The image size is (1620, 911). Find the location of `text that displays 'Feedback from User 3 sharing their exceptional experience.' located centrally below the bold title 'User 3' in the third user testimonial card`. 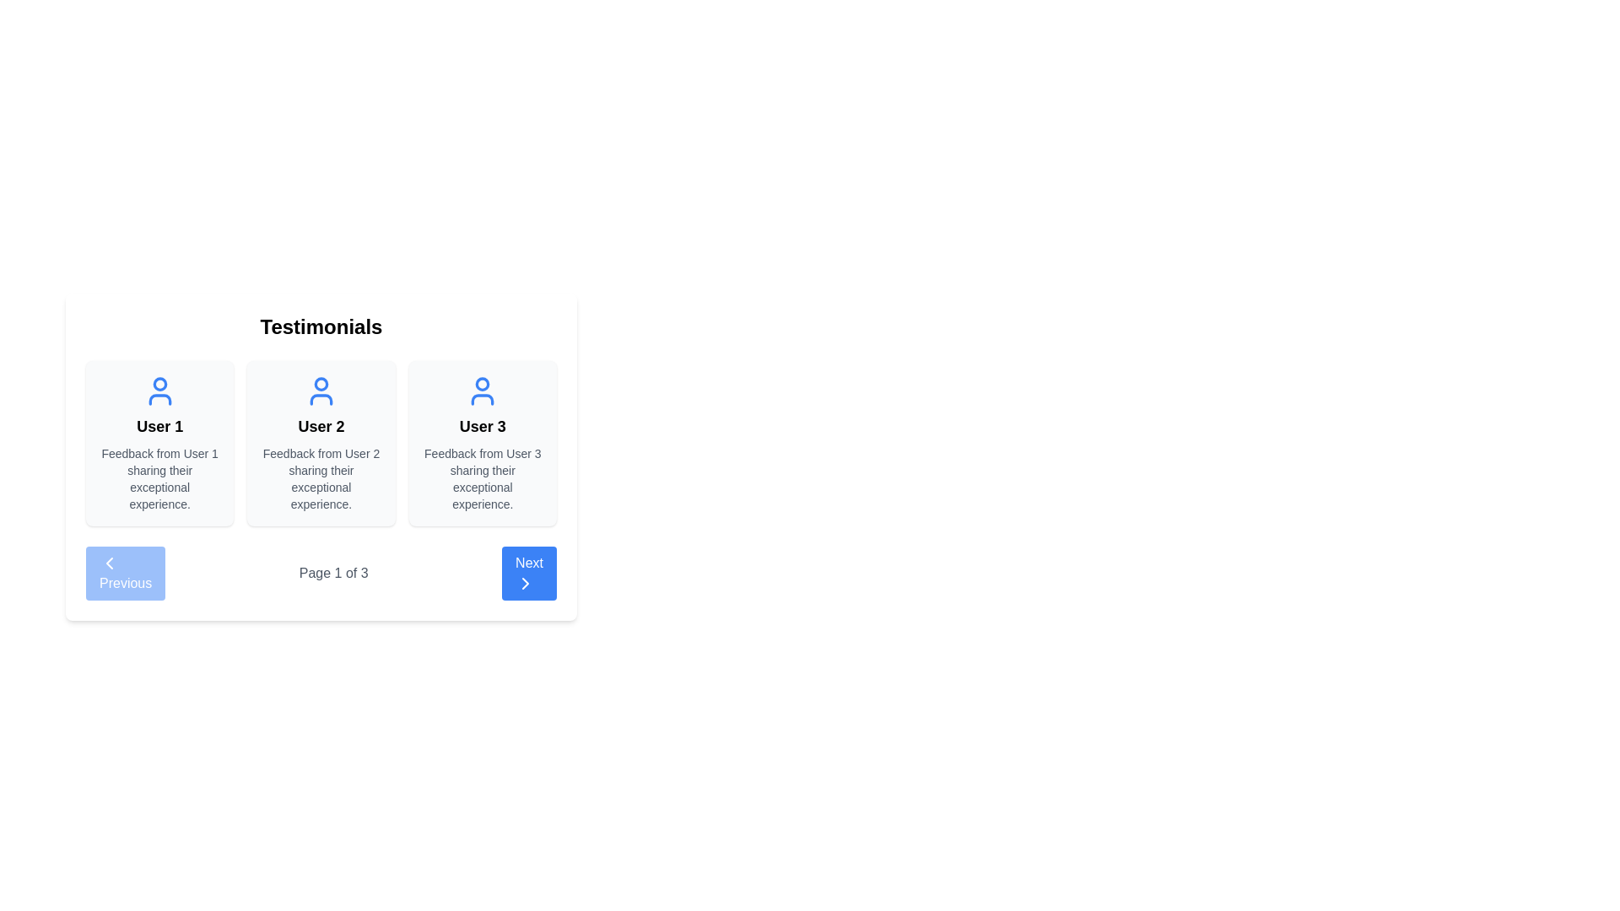

text that displays 'Feedback from User 3 sharing their exceptional experience.' located centrally below the bold title 'User 3' in the third user testimonial card is located at coordinates (482, 478).